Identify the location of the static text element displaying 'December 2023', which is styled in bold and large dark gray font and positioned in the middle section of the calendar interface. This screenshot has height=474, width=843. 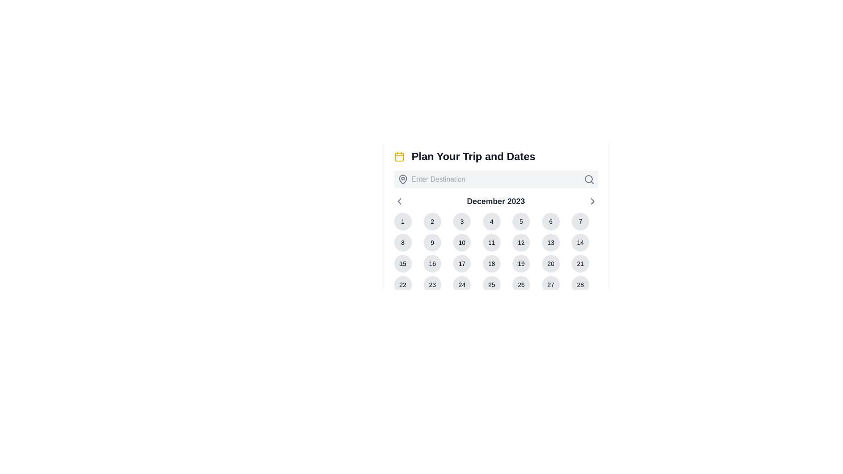
(496, 201).